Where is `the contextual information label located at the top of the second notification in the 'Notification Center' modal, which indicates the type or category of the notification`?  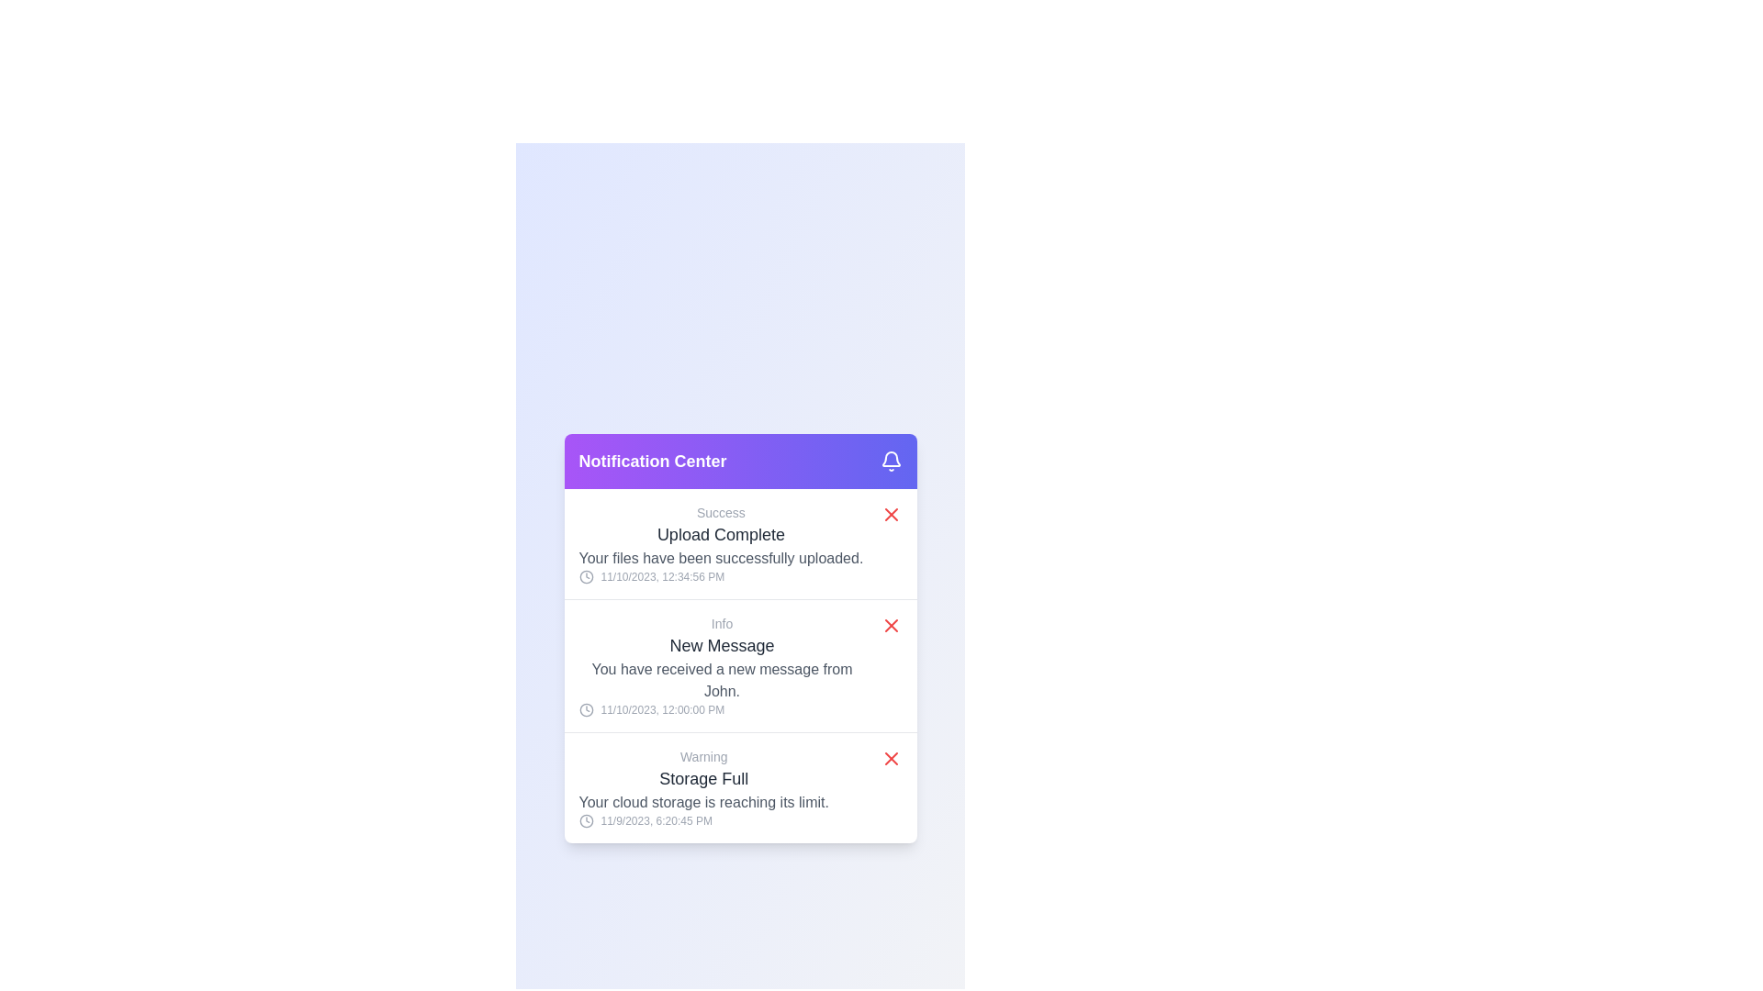 the contextual information label located at the top of the second notification in the 'Notification Center' modal, which indicates the type or category of the notification is located at coordinates (721, 622).